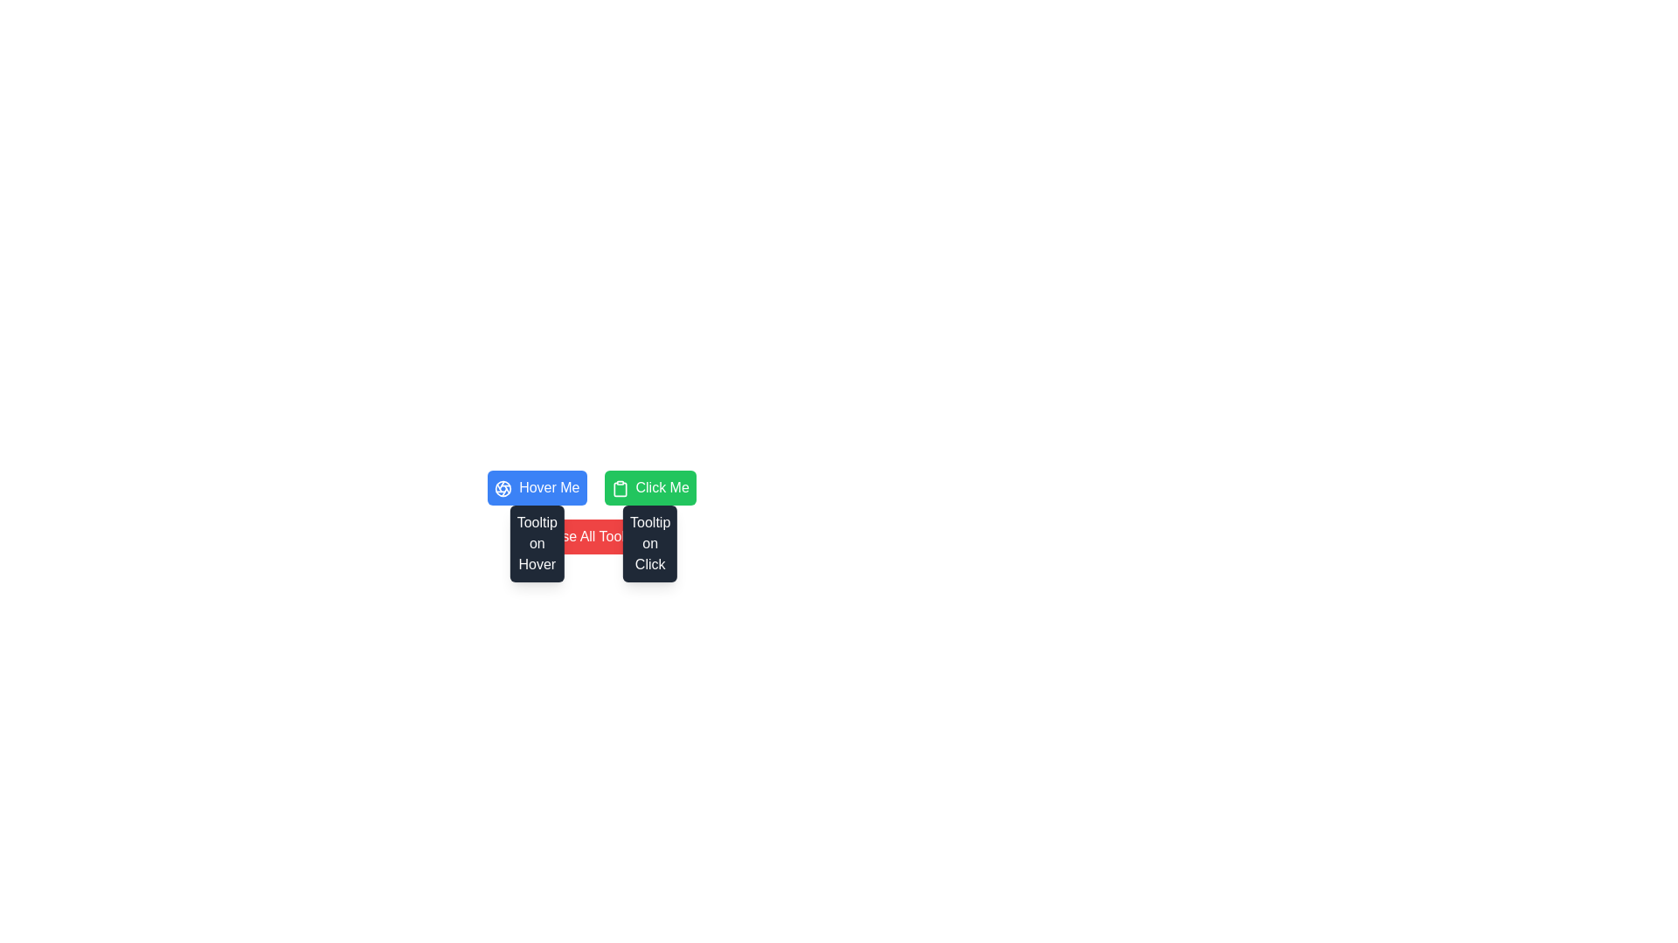 The height and width of the screenshot is (943, 1678). I want to click on the tooltip that appears beneath the 'Click Me' green button to provide additional information, so click(649, 543).